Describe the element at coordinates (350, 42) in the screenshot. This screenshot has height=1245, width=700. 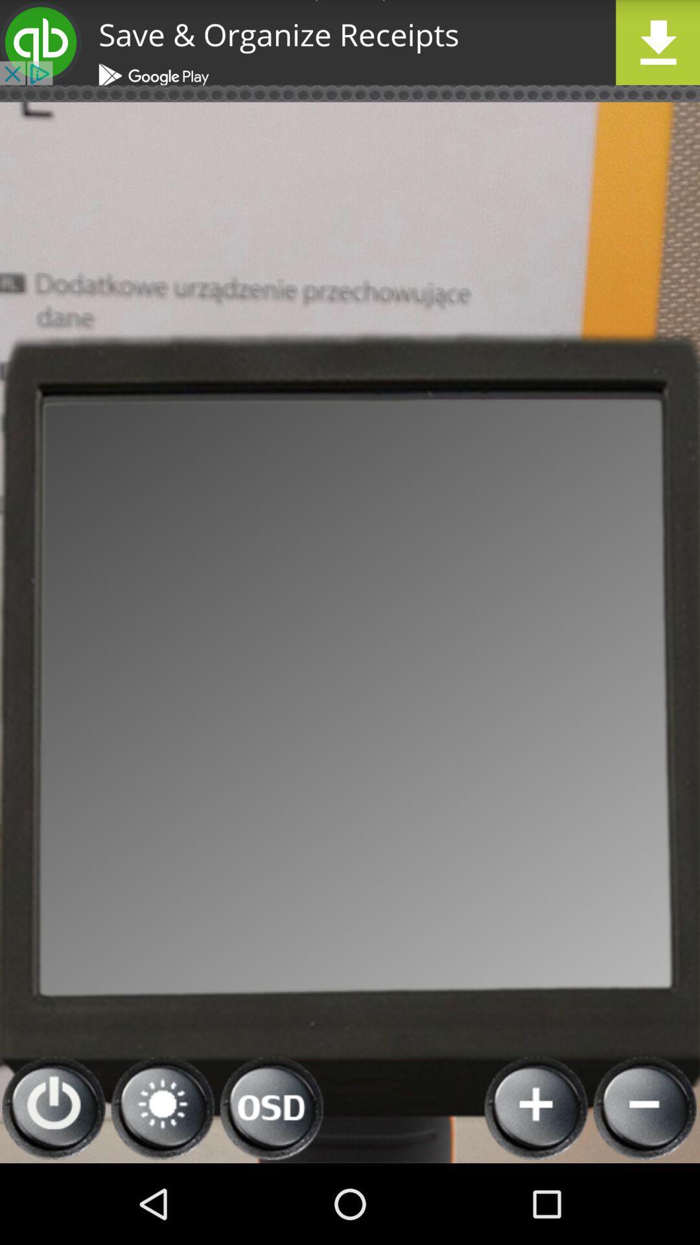
I see `app` at that location.